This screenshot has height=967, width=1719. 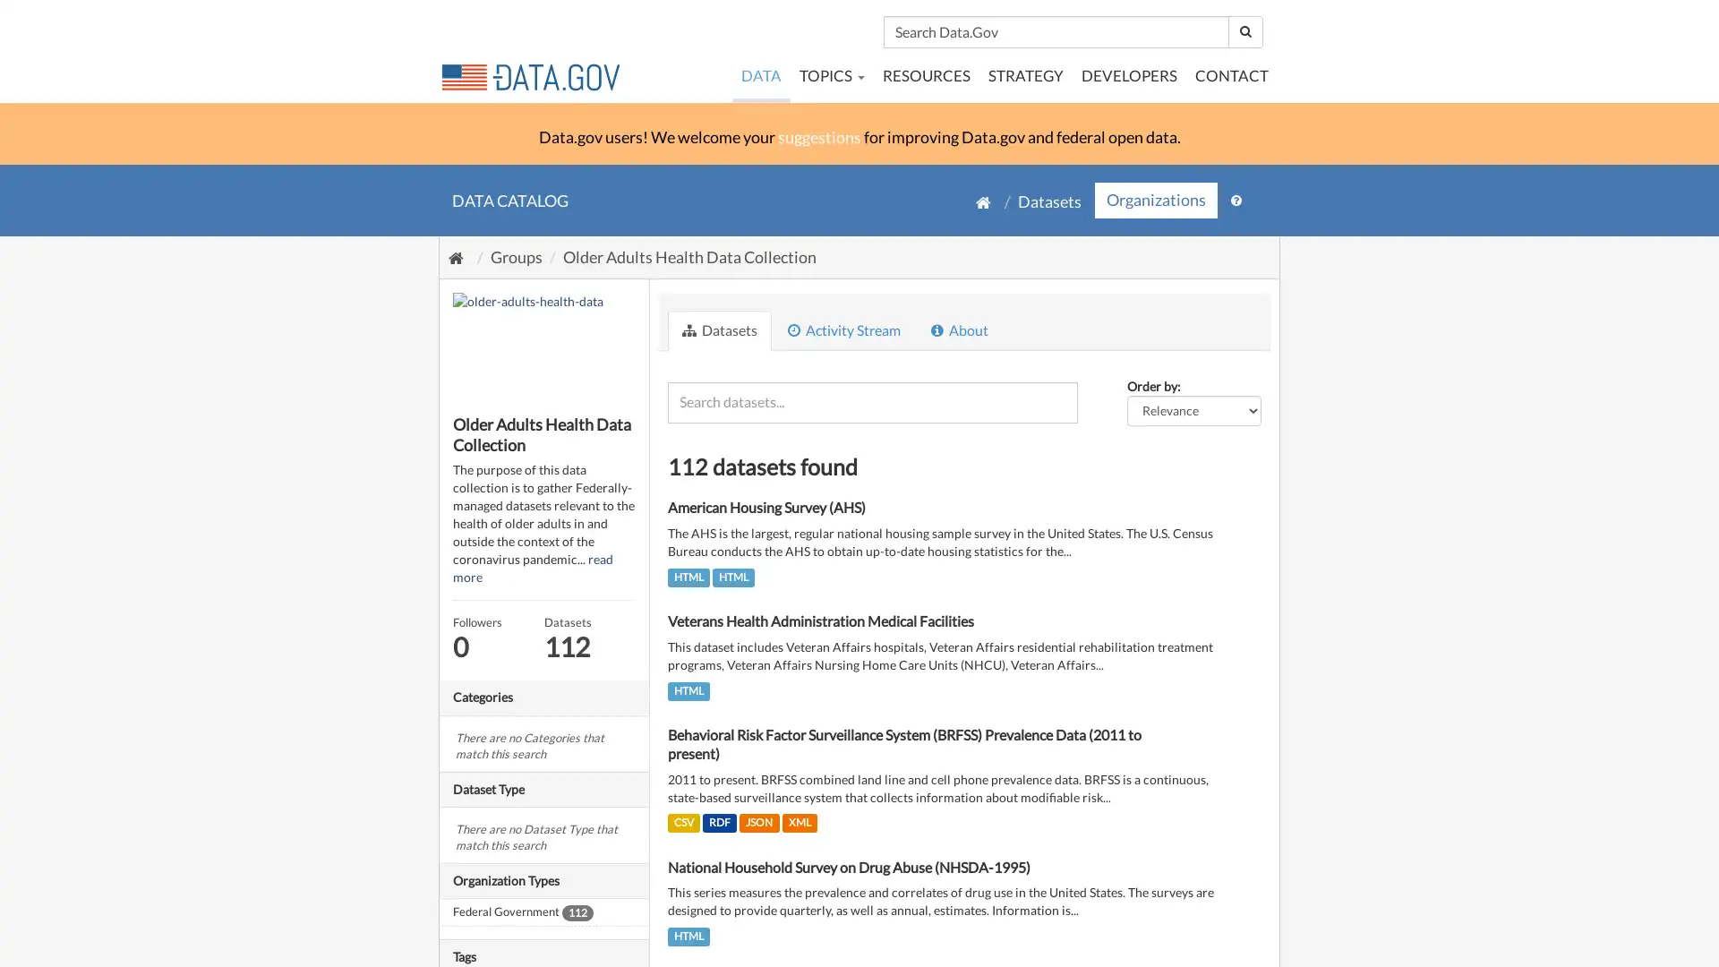 I want to click on Search, so click(x=1244, y=31).